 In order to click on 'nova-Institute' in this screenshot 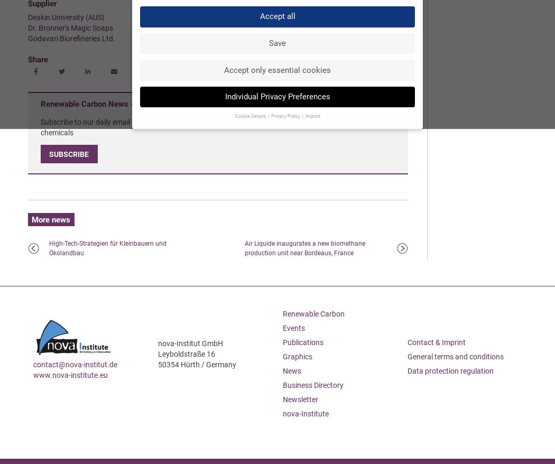, I will do `click(305, 413)`.